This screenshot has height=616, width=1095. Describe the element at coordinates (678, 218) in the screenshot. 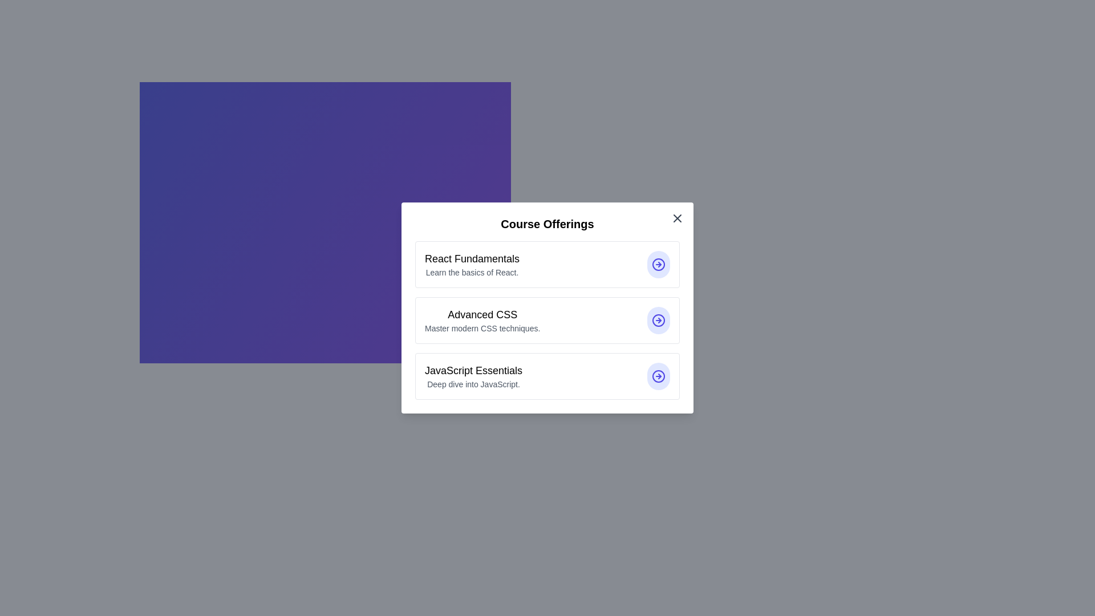

I see `the close button located in the top-right corner of the dialog box to trigger hover states` at that location.